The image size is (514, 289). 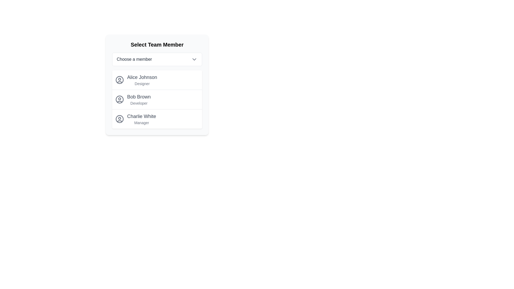 What do you see at coordinates (133, 99) in the screenshot?
I see `the Profile entry for 'Bob Brown', which includes a circular grayscale avatar and the name 'Bob Brown' followed by the title 'Developer'. This entry is the second in a list of team members` at bounding box center [133, 99].